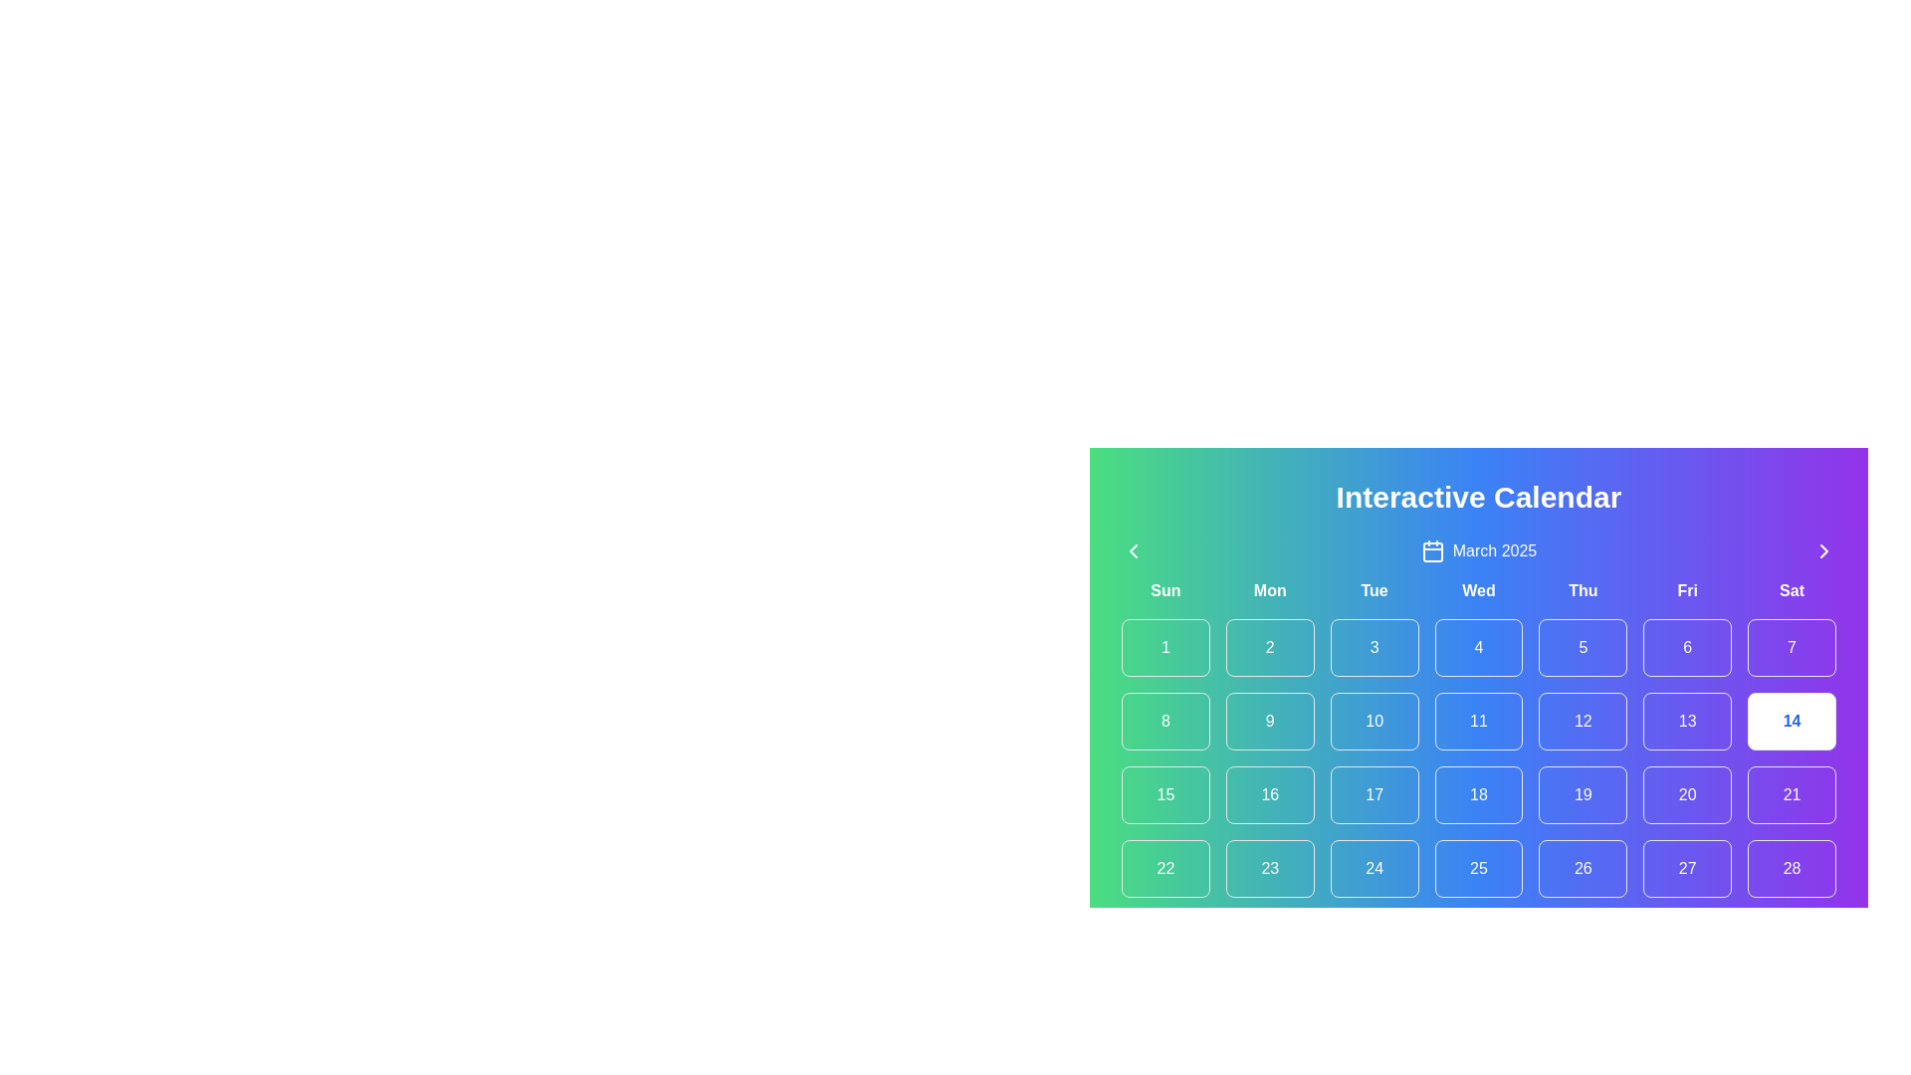  I want to click on the rectangular button with rounded edges labeled '23' in the calendar grid under the 'Mon' column, so click(1269, 867).